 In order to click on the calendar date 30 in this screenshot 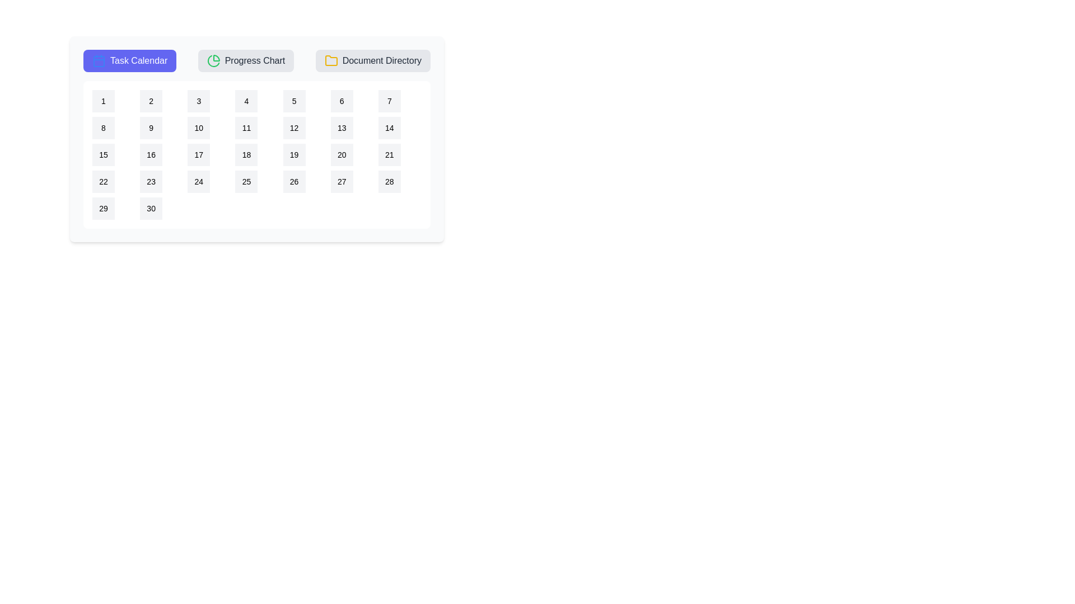, I will do `click(150, 209)`.